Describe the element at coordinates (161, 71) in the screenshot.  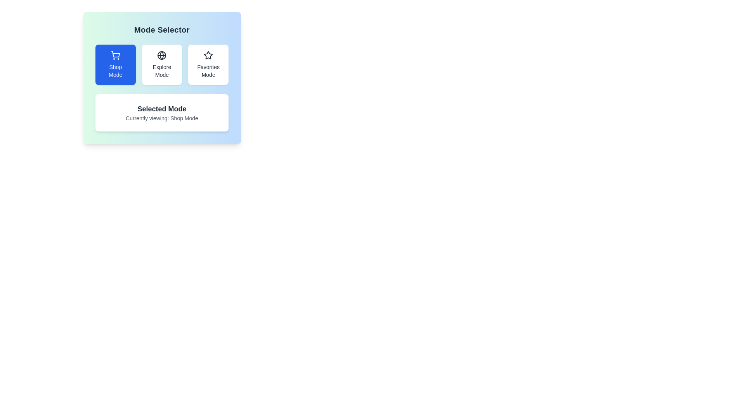
I see `text label indicating 'Explore Mode' within the Mode Selector section, which is centrally positioned between the Shop Mode and Favorites Mode buttons` at that location.